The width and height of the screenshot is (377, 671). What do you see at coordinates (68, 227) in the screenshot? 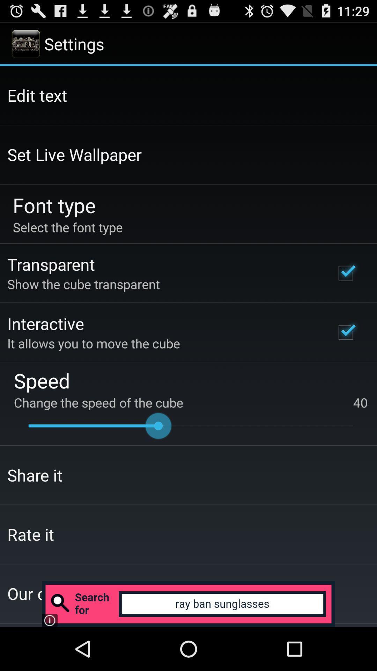
I see `the icon below the font type app` at bounding box center [68, 227].